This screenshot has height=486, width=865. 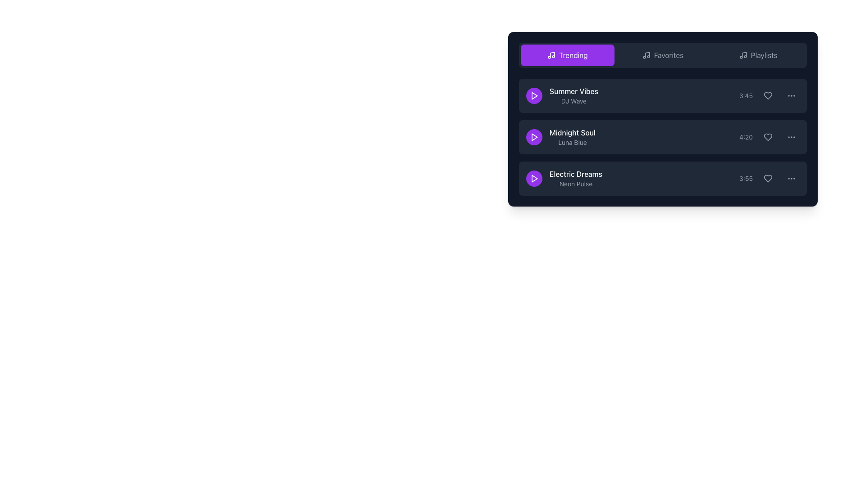 What do you see at coordinates (791, 95) in the screenshot?
I see `the menu expansion button located to the right of the displayed time text ('3:45') and a heart icon, which is the last element in a horizontal arrangement of items` at bounding box center [791, 95].